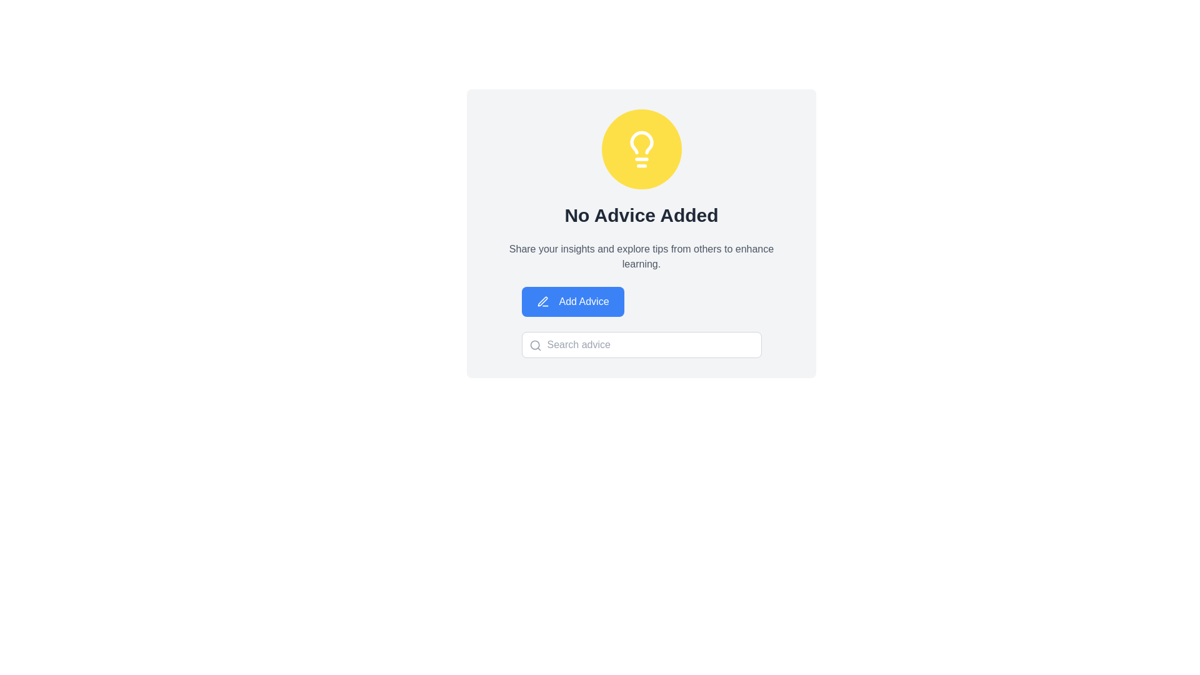  Describe the element at coordinates (641, 149) in the screenshot. I see `the circular lightbulb icon button with a bright yellow background, located above the 'No Advice Added' text` at that location.